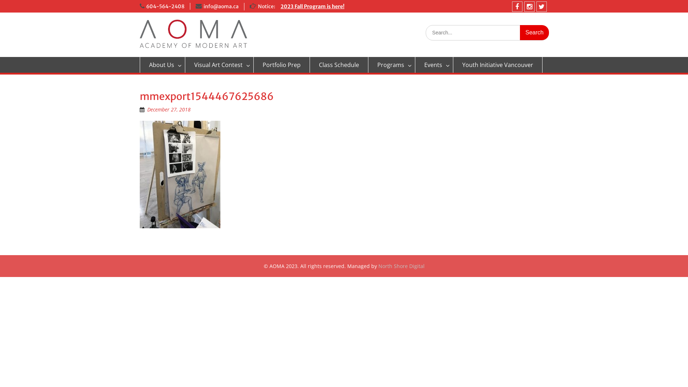  What do you see at coordinates (524, 6) in the screenshot?
I see `'Instagram'` at bounding box center [524, 6].